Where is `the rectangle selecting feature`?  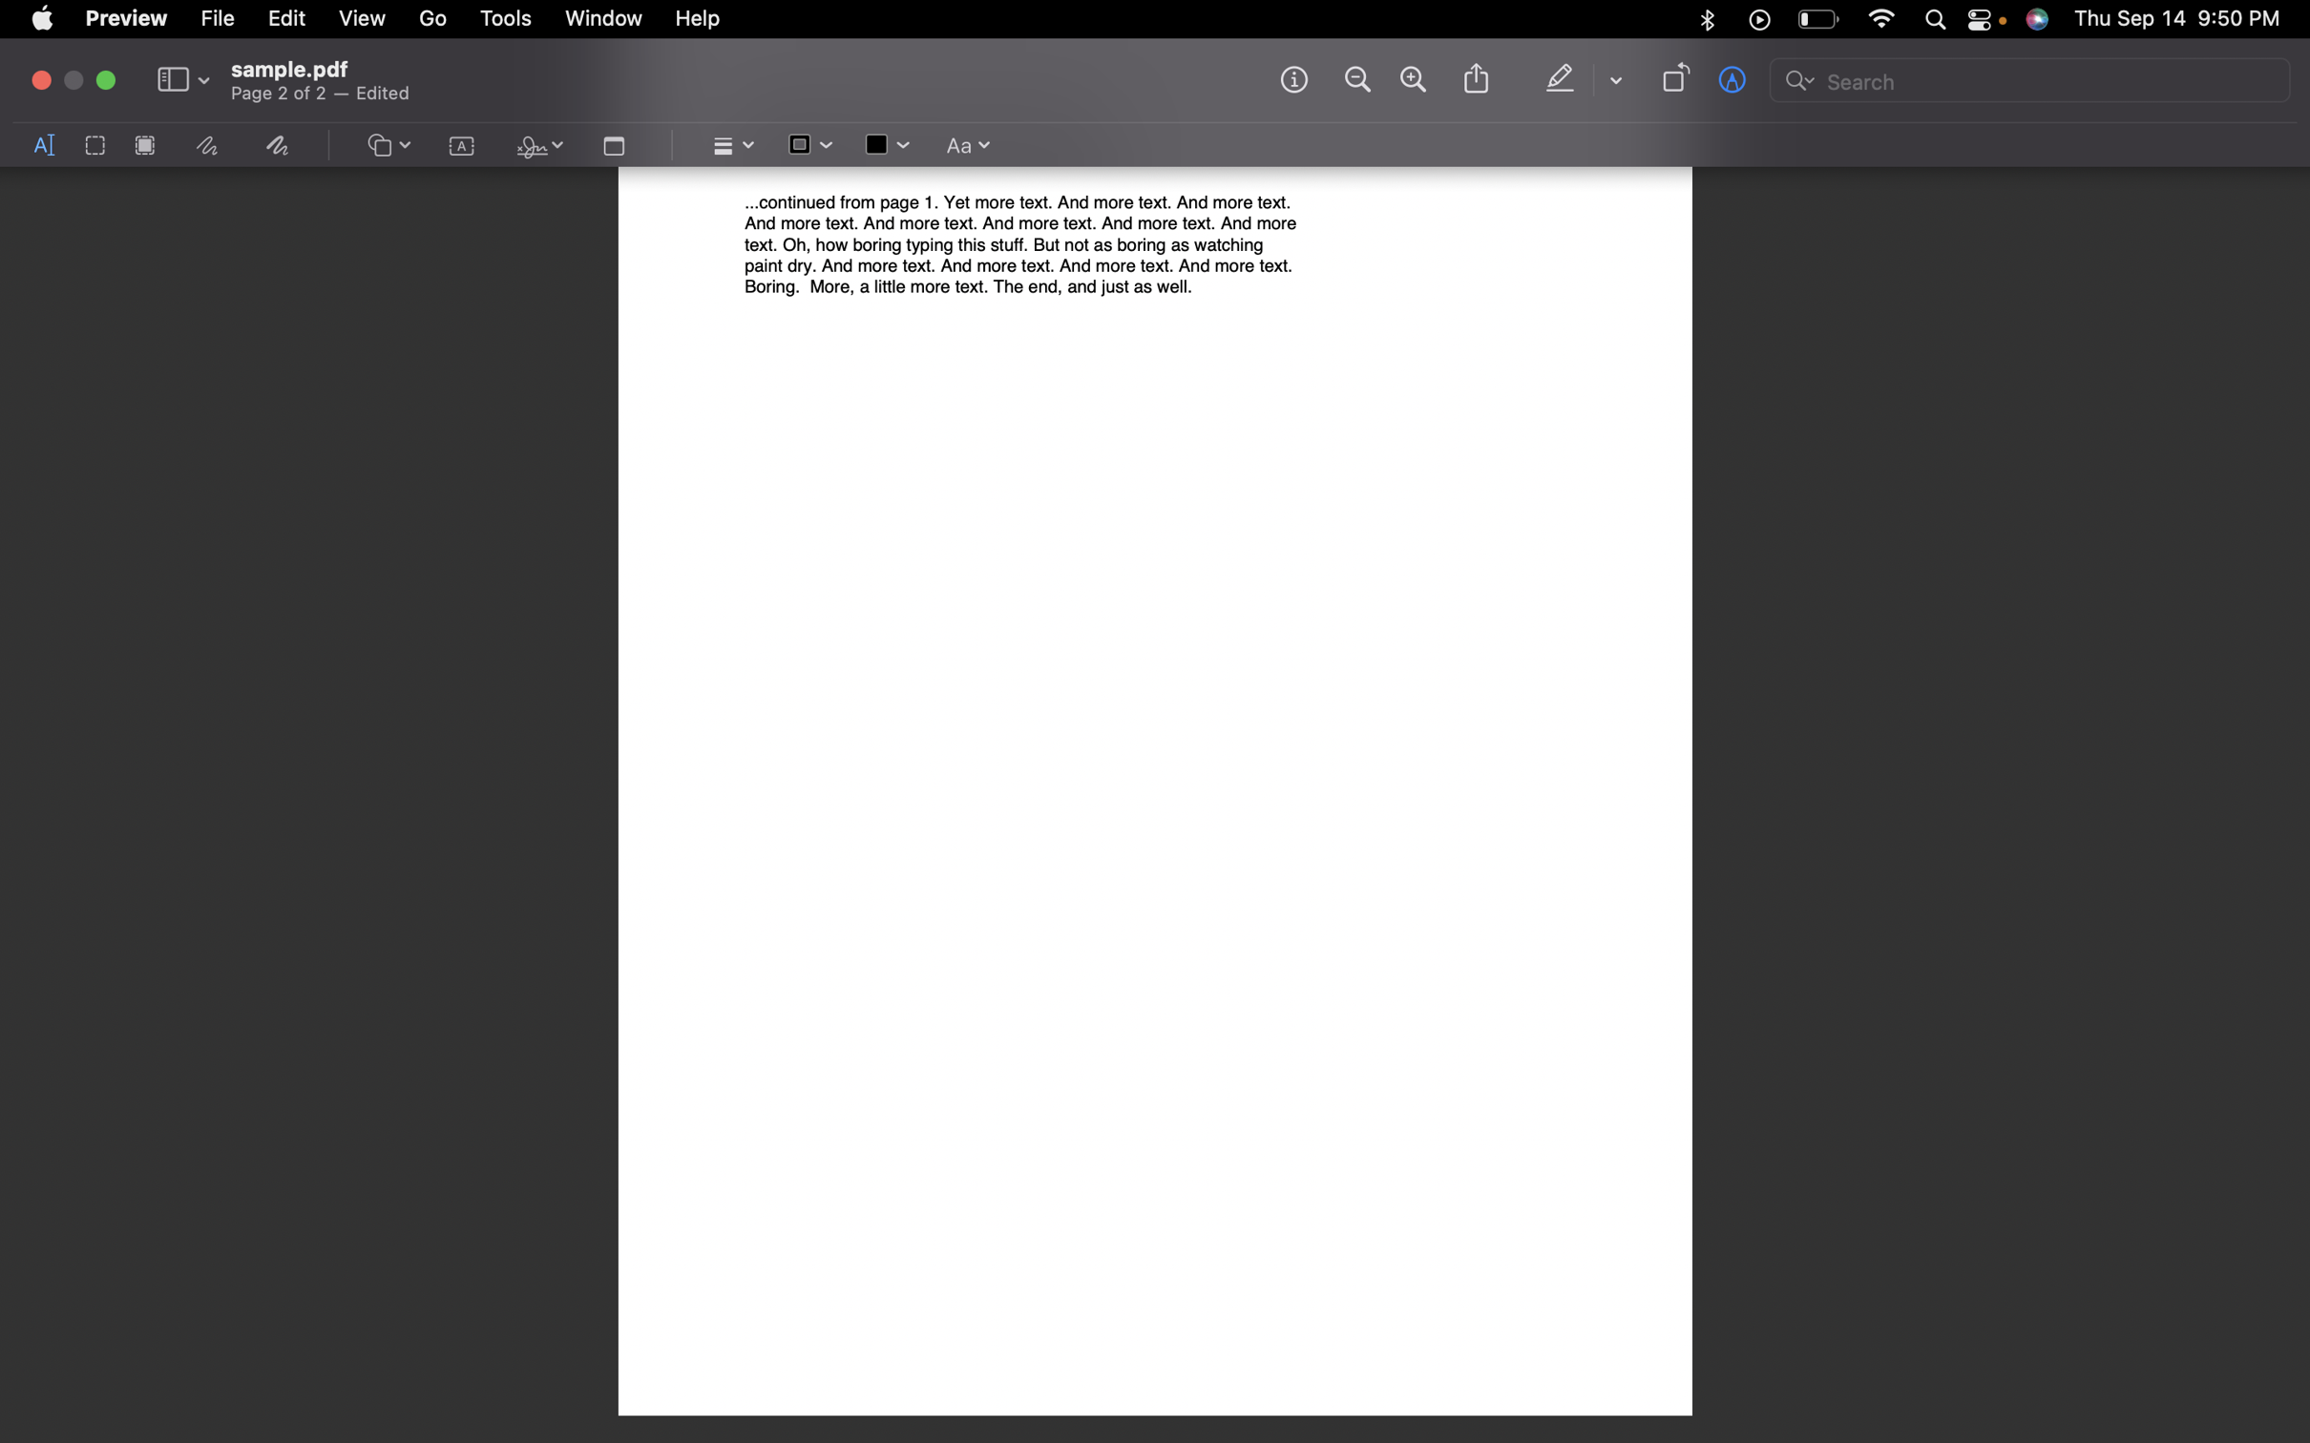
the rectangle selecting feature is located at coordinates (94, 146).